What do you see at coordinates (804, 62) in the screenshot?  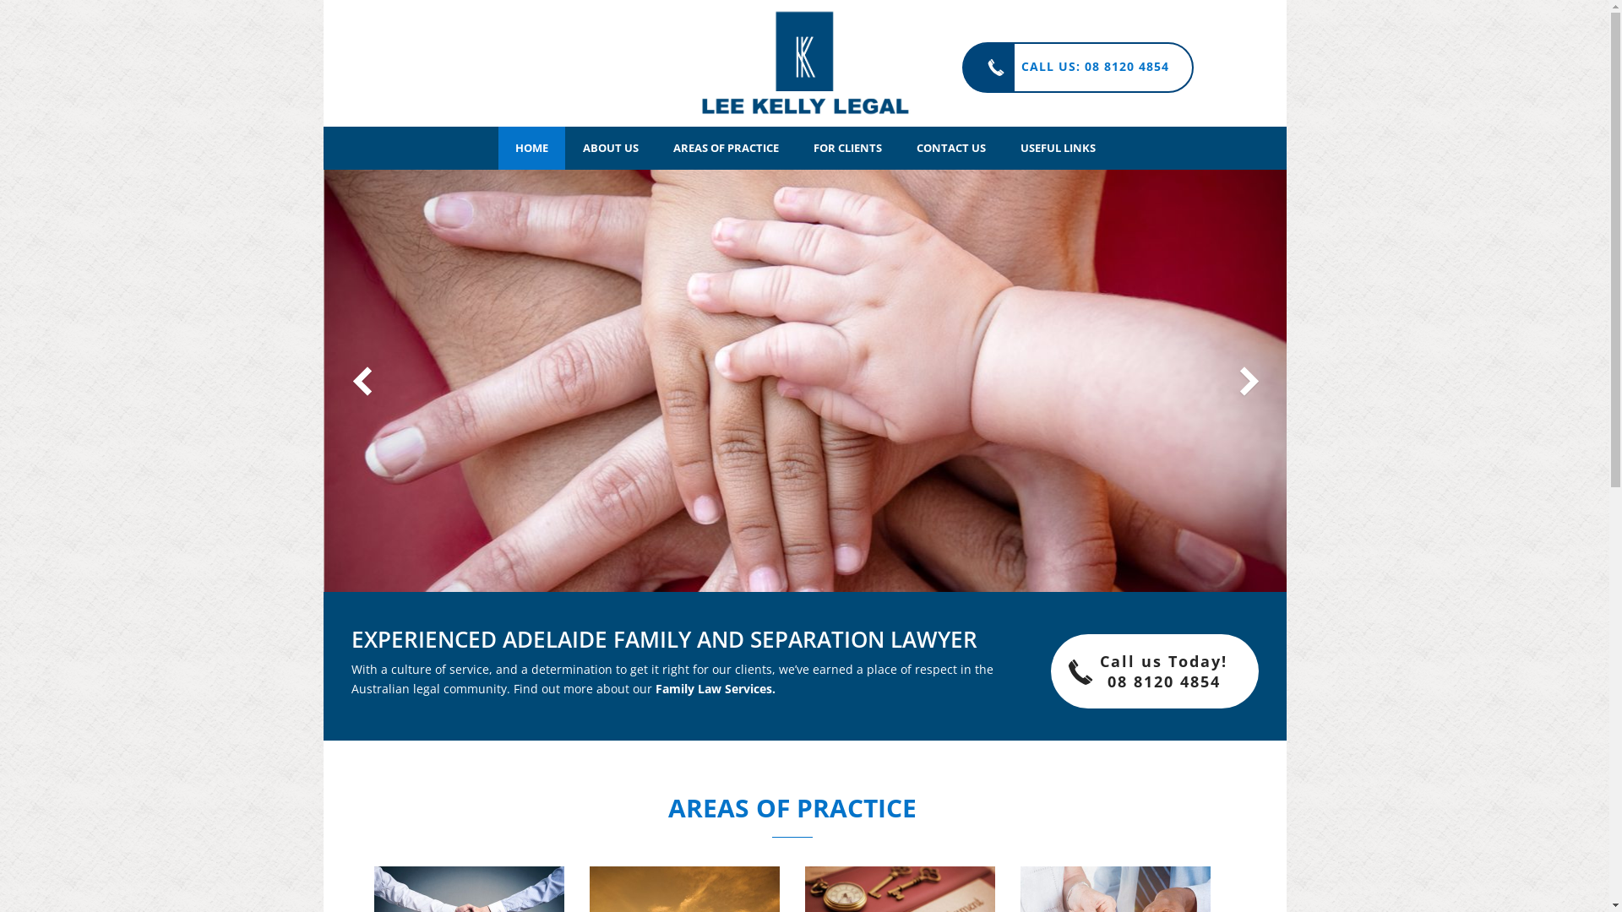 I see `'Lee Kelly Legal'` at bounding box center [804, 62].